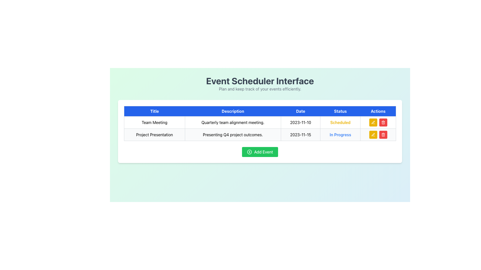  I want to click on the 'Date' column header text label, which is the third element in the table header row, providing context for the data below, so click(301, 111).